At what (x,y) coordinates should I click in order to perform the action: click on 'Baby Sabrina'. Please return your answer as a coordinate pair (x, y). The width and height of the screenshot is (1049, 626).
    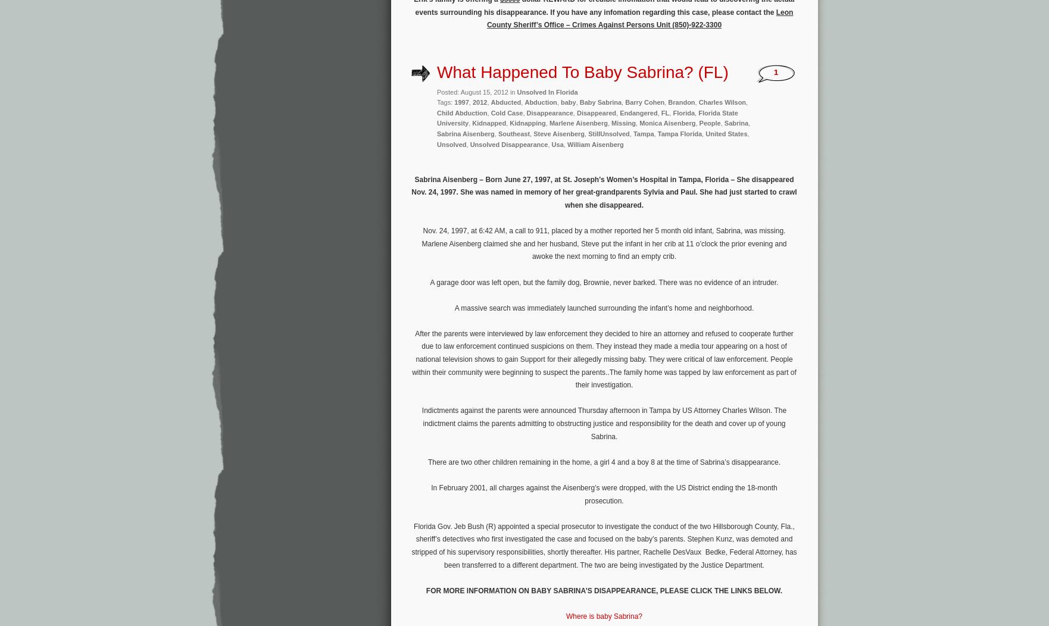
    Looking at the image, I should click on (600, 102).